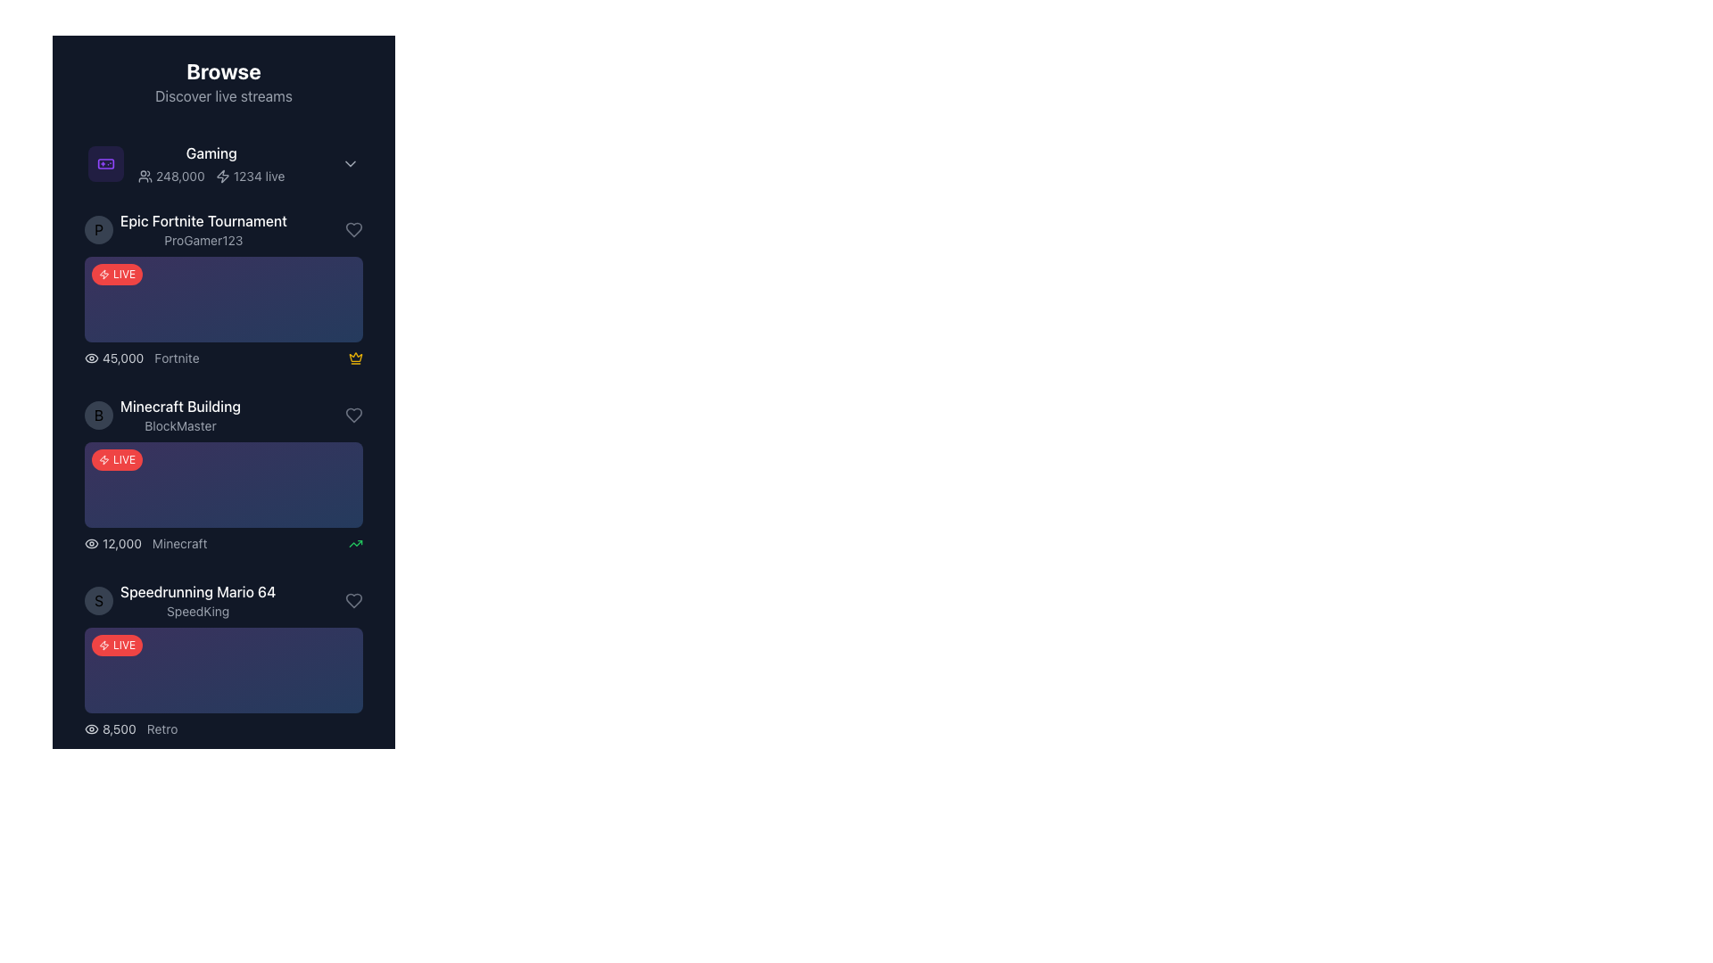 The width and height of the screenshot is (1713, 963). Describe the element at coordinates (211, 152) in the screenshot. I see `the 'Gaming' label which is styled with white text on a dark background, located under 'Browse' and 'Discover live streams', and is the first word in a group with '248,000' and an icon` at that location.